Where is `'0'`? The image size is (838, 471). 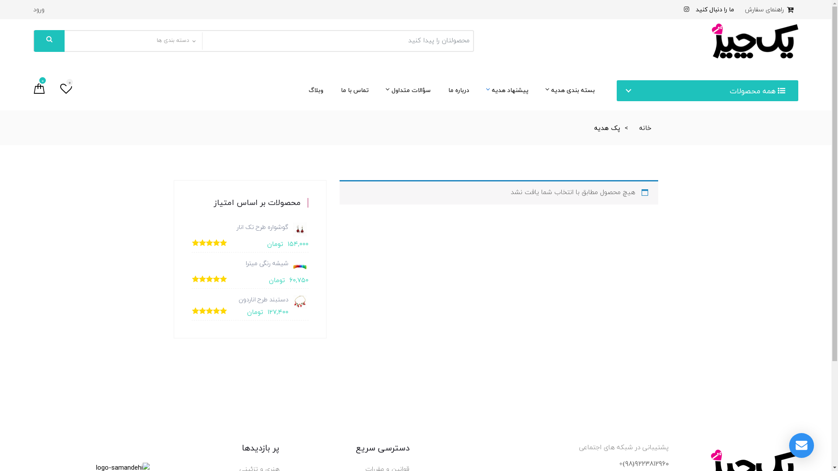
'0' is located at coordinates (60, 90).